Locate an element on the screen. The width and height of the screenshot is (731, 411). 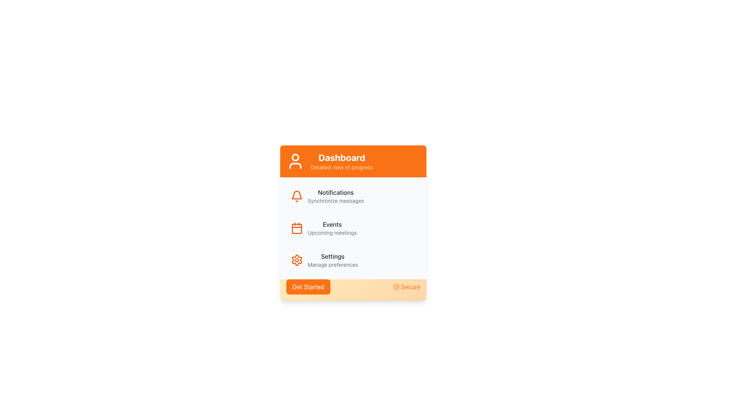
the second item in the vertical list of notifications within the light gray section of the orange-rounded dashboard widget to interact or navigate is located at coordinates (353, 228).